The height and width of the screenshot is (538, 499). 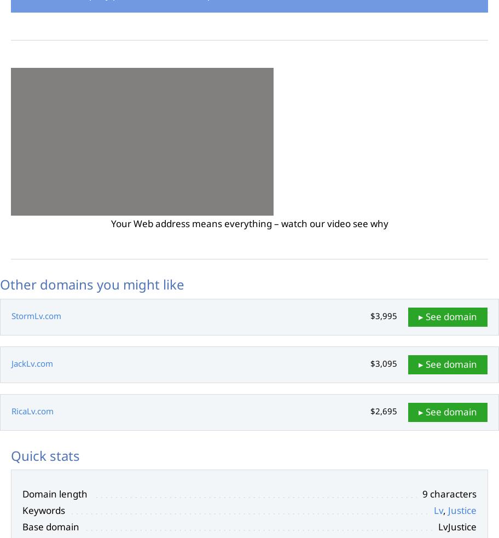 I want to click on 'RicaLv.com', so click(x=11, y=410).